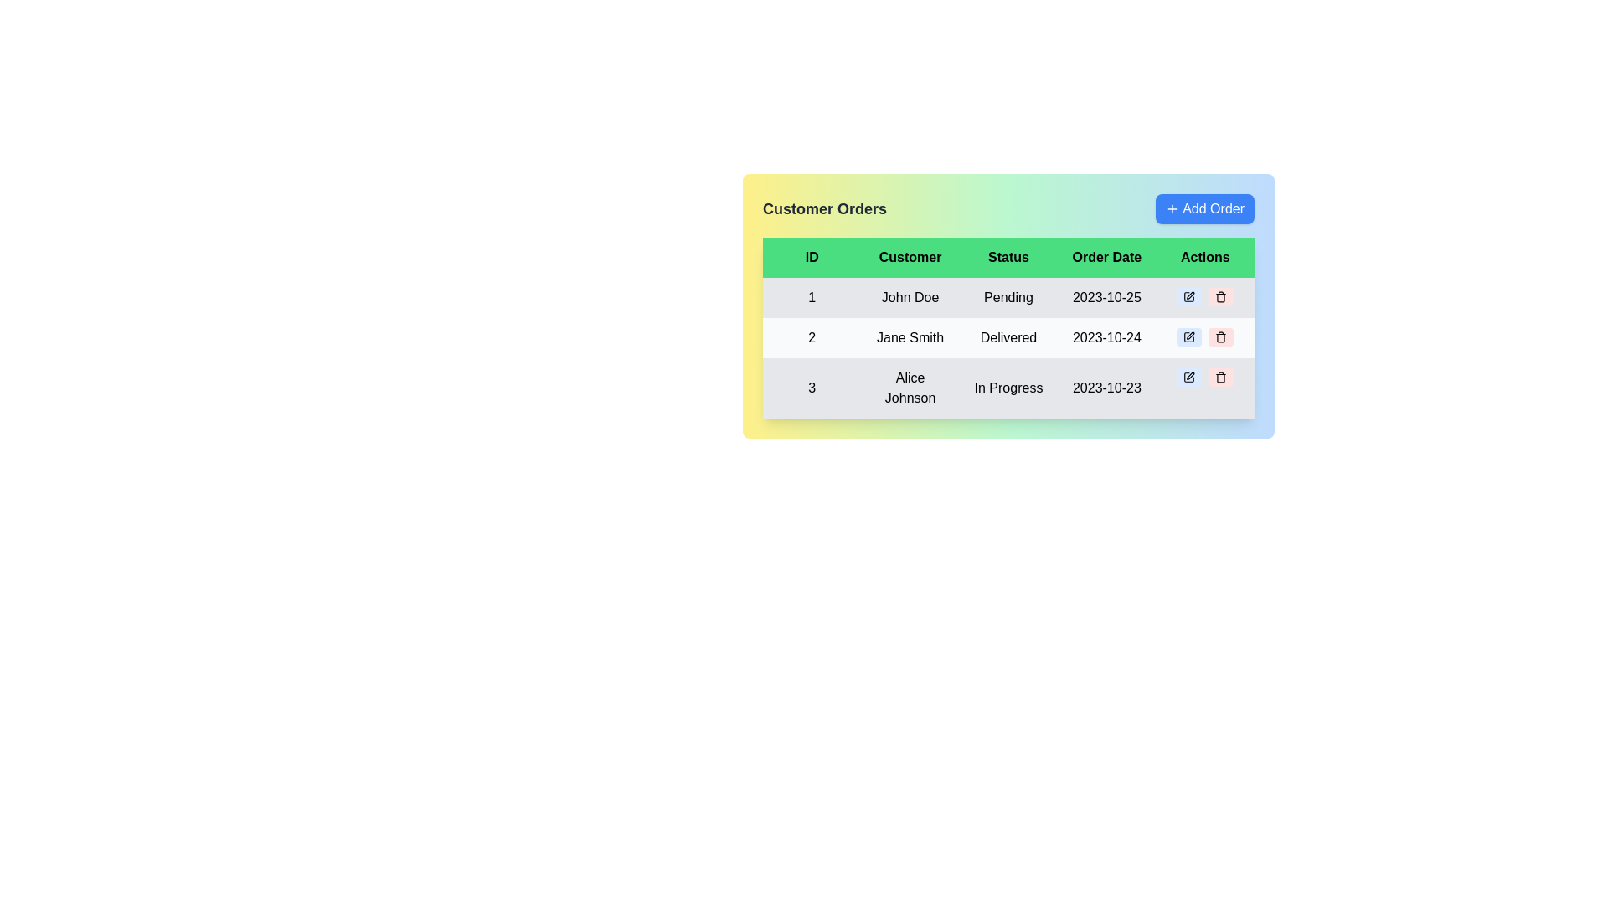 The height and width of the screenshot is (904, 1608). I want to click on the section of the pencil icon characterized by a diagonal stroke and a pointed end located in the third row of the Actions column, so click(1188, 378).